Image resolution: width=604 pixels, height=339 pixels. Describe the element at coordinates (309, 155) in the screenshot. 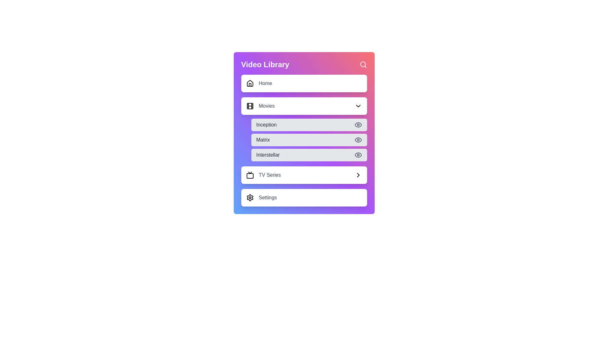

I see `the button for the movie 'Interstellar' in the Video Library by navigating via keyboard for accessibility` at that location.